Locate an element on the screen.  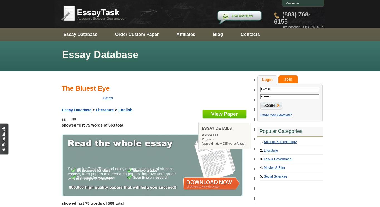
'Help' is located at coordinates (300, 10).